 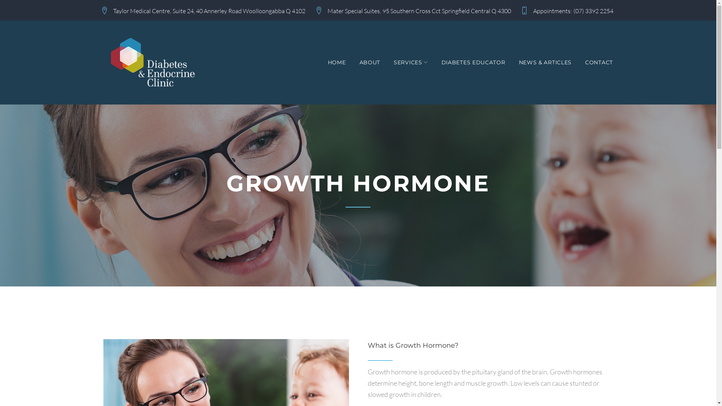 I want to click on 'DIABETES EDUCATOR', so click(x=473, y=62).